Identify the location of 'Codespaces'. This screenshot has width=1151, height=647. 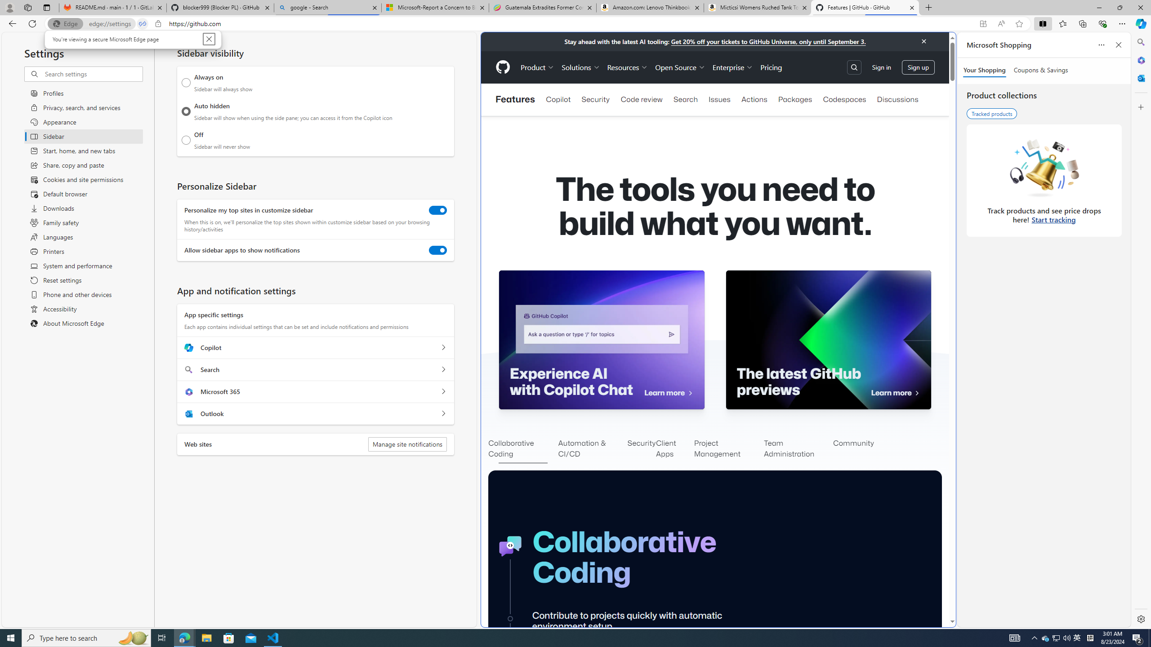
(845, 99).